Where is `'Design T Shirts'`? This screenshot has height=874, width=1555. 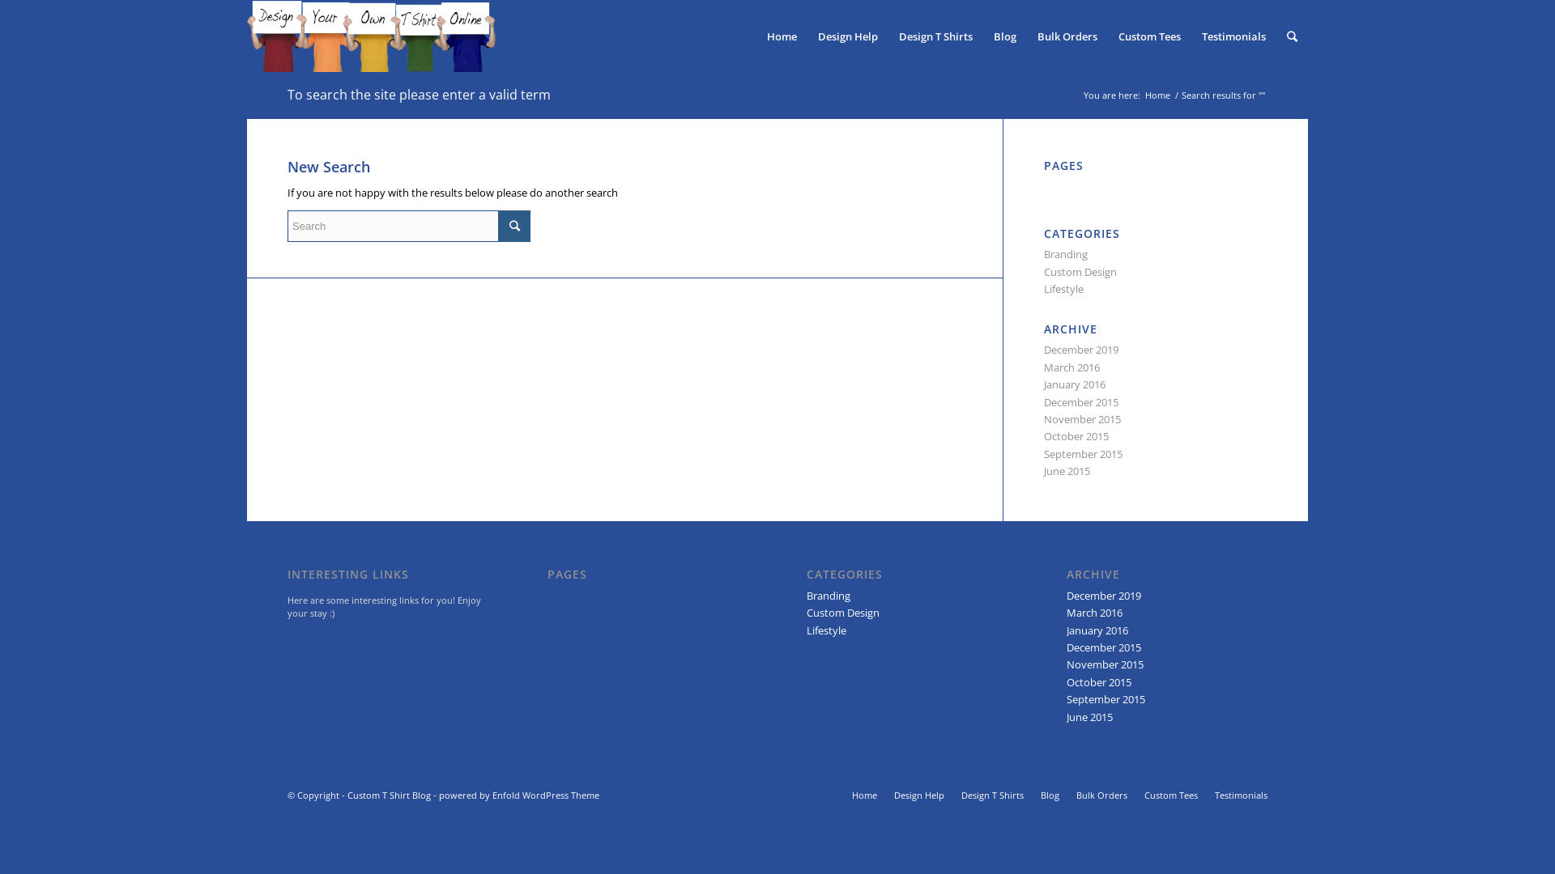
'Design T Shirts' is located at coordinates (991, 794).